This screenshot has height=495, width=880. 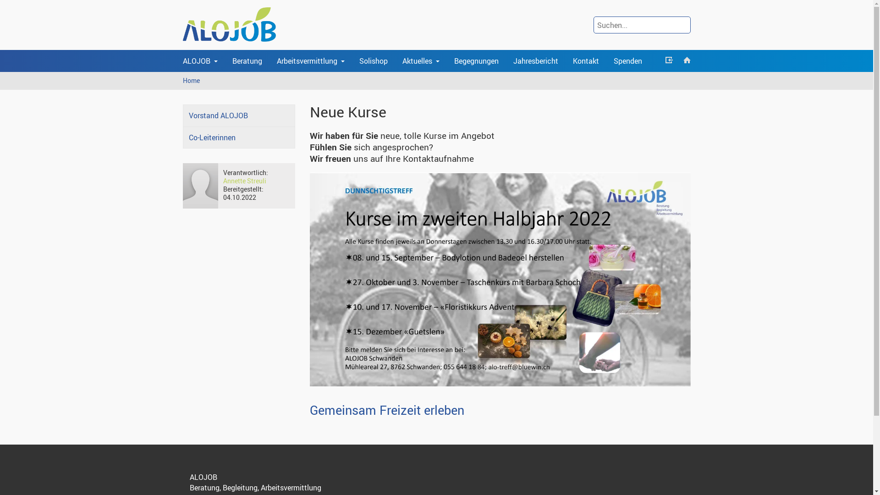 I want to click on 'Jahresbericht', so click(x=536, y=60).